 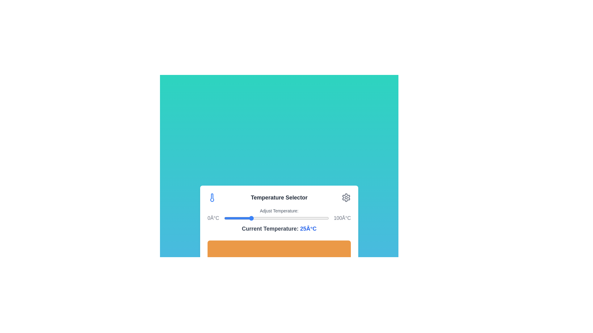 What do you see at coordinates (223, 218) in the screenshot?
I see `the temperature to 0°C by moving the slider` at bounding box center [223, 218].